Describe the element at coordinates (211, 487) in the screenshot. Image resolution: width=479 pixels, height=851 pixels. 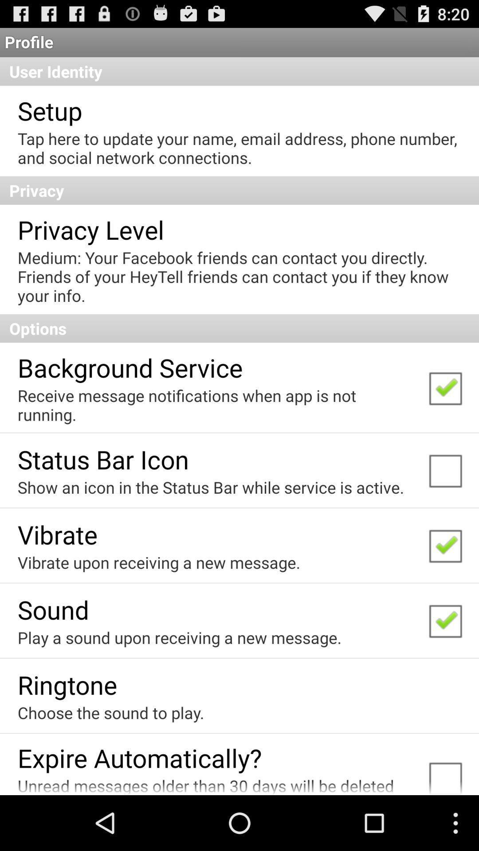
I see `show an icon icon` at that location.